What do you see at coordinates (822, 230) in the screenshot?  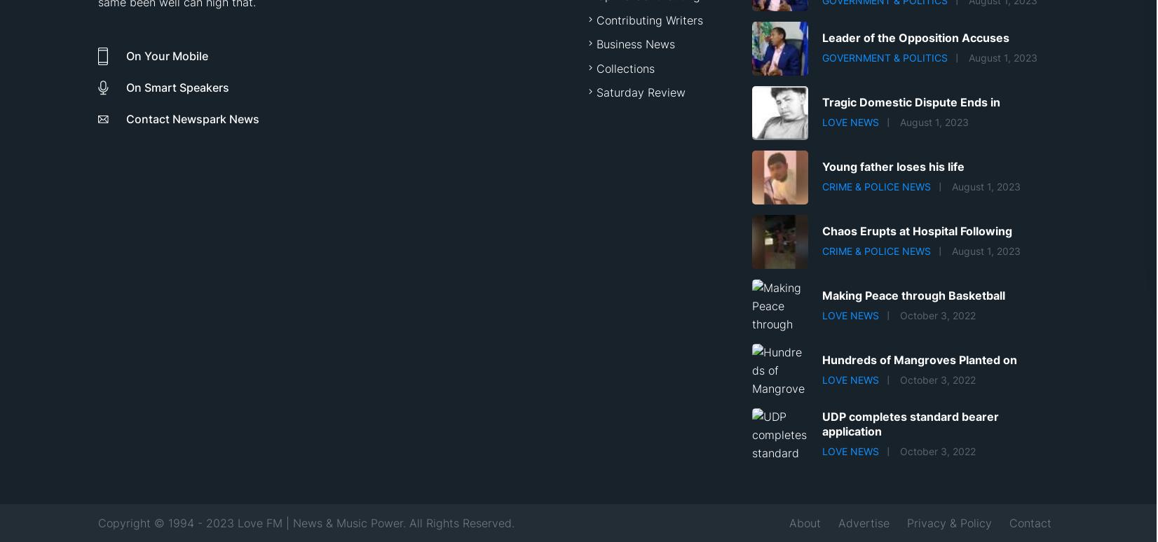 I see `'Chaos Erupts at Hospital Following'` at bounding box center [822, 230].